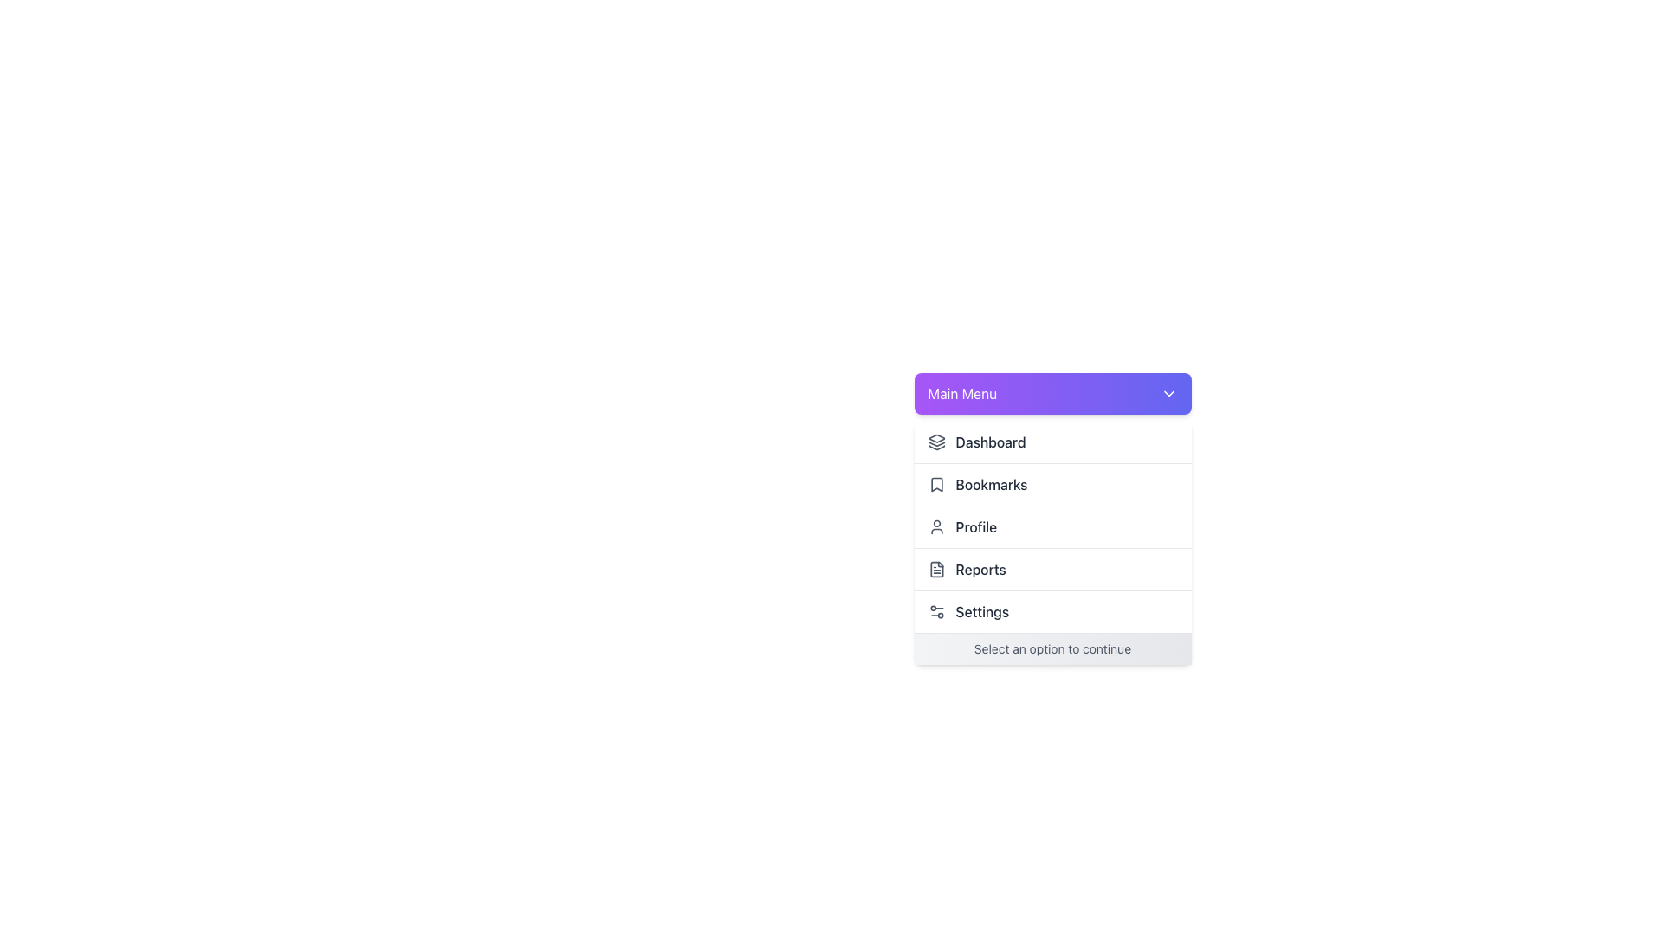 The width and height of the screenshot is (1663, 935). Describe the element at coordinates (1168, 394) in the screenshot. I see `the downward-pointing chevron icon located on the right side of the purple header bar labeled 'Main Menu'` at that location.